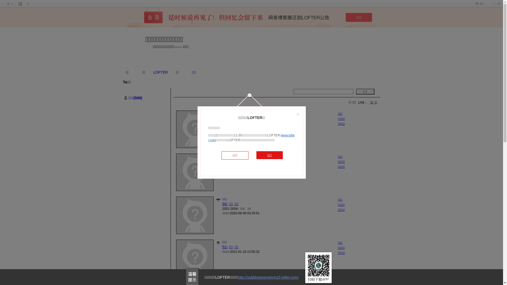 The height and width of the screenshot is (285, 507). I want to click on 'www.lofter.com', so click(251, 137).